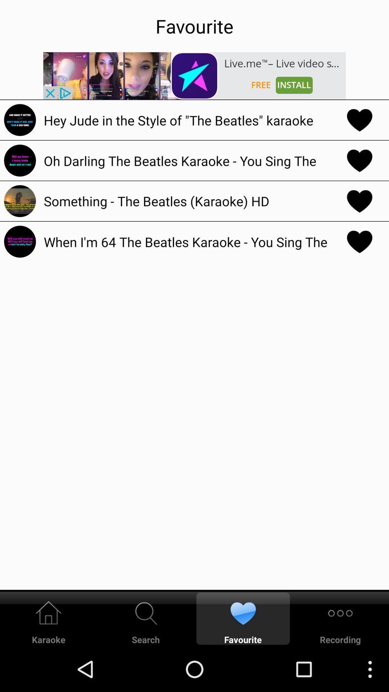 The height and width of the screenshot is (692, 389). What do you see at coordinates (359, 160) in the screenshot?
I see `song as favourite` at bounding box center [359, 160].